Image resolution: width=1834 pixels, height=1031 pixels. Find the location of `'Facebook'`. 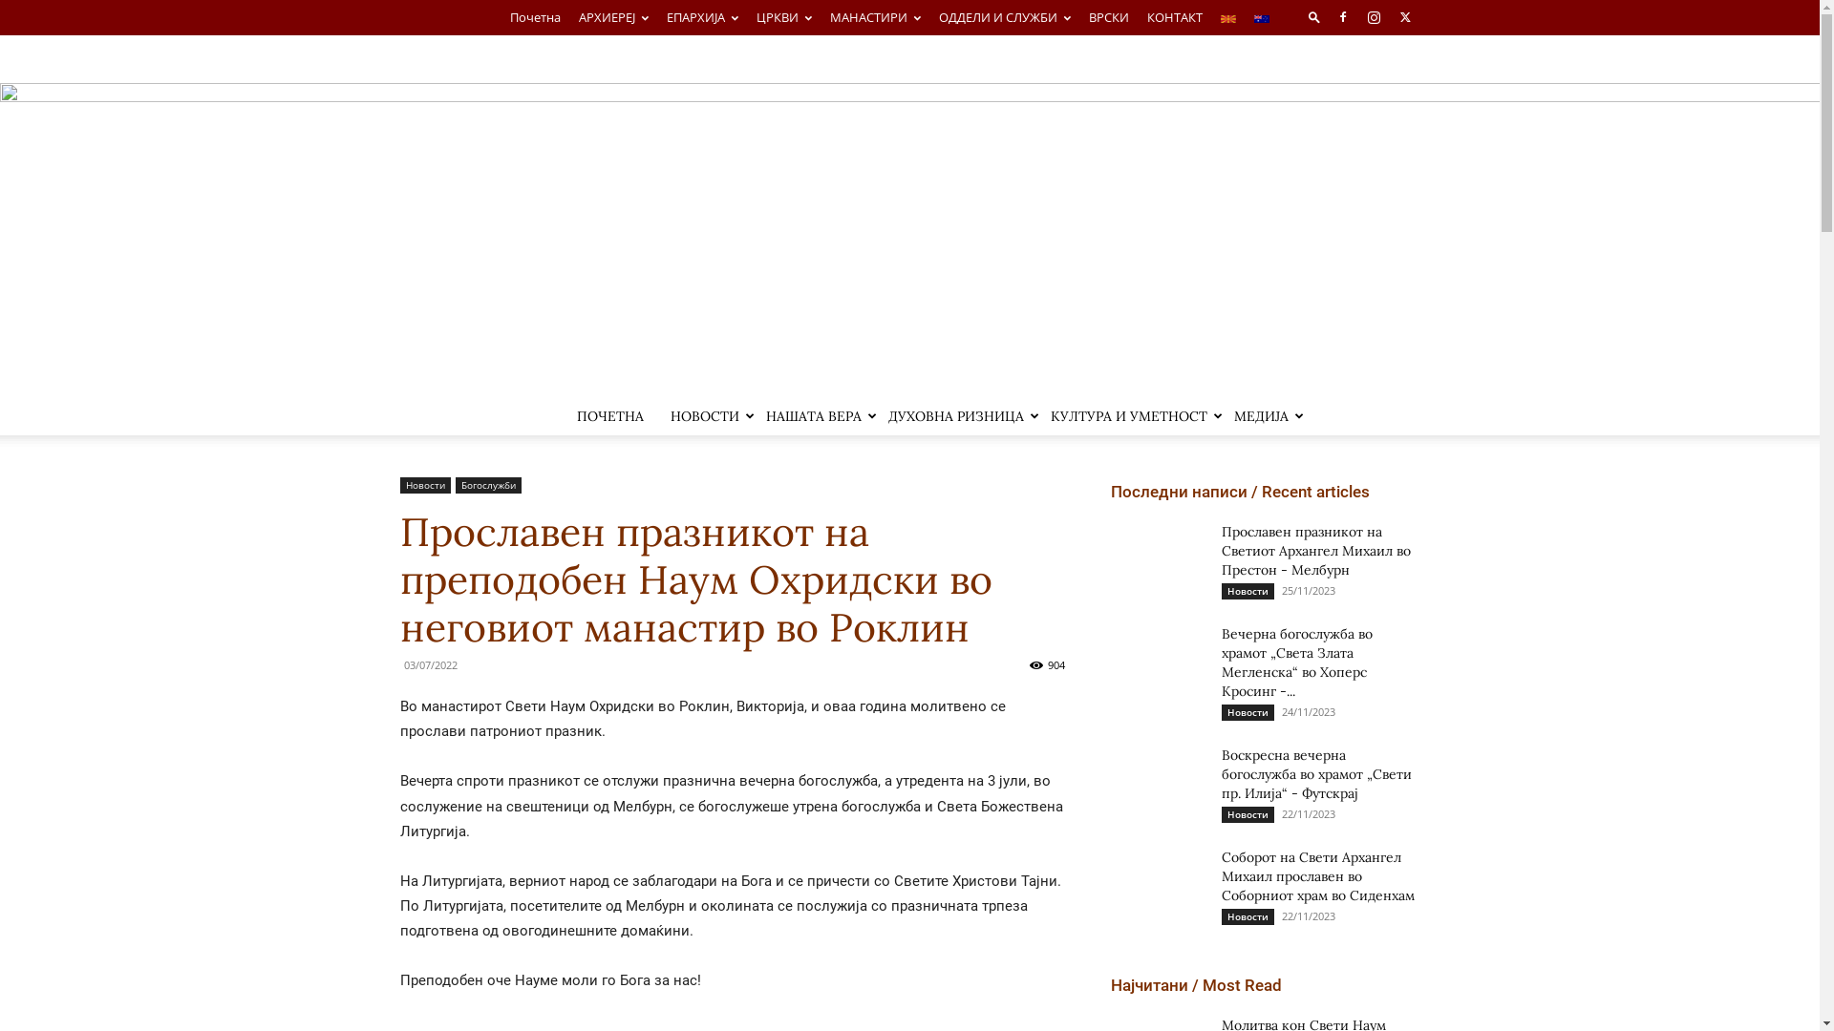

'Facebook' is located at coordinates (1341, 17).